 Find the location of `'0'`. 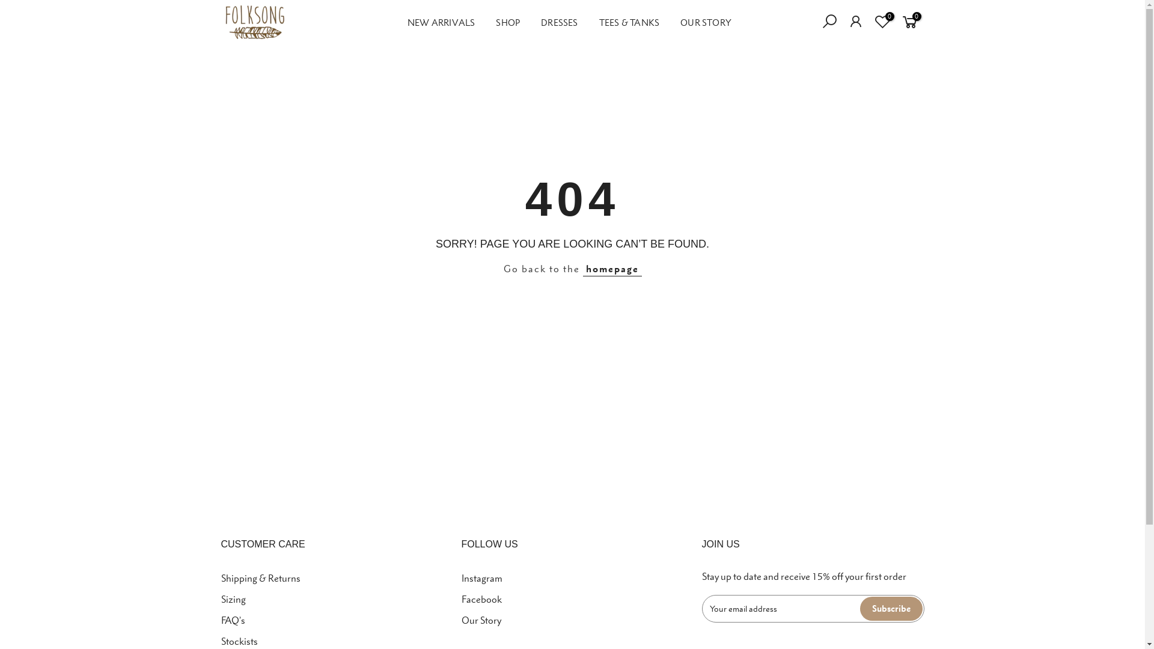

'0' is located at coordinates (900, 22).